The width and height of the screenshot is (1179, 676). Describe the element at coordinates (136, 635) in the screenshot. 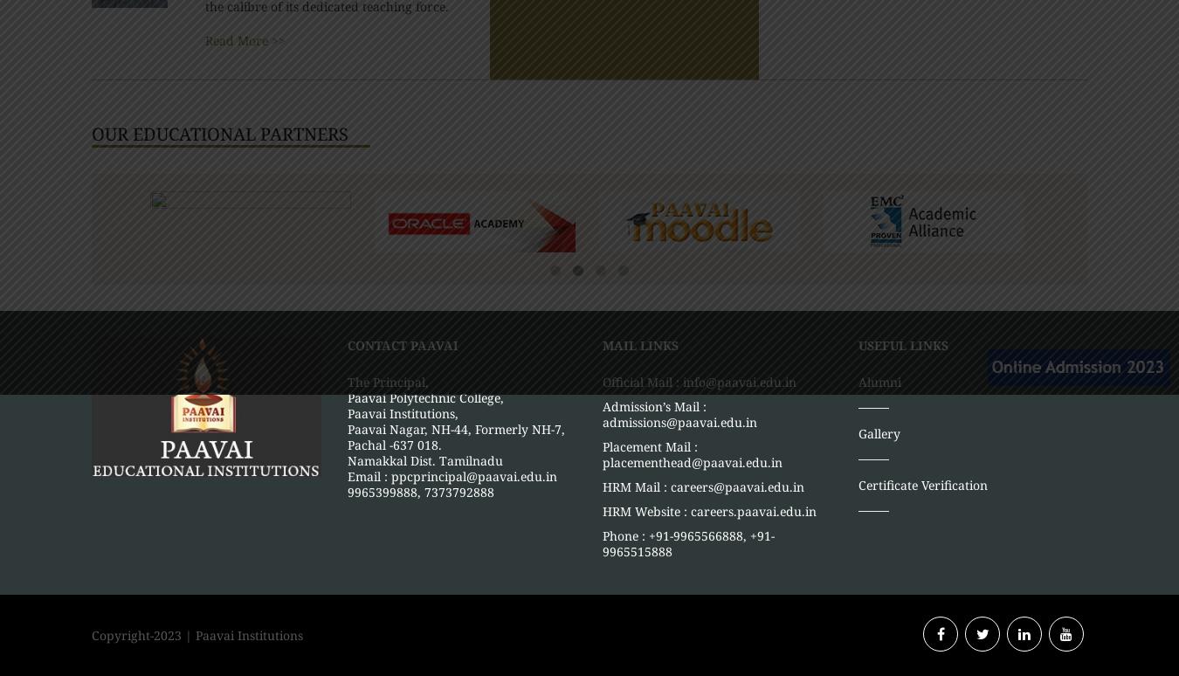

I see `'Copyright-2023'` at that location.